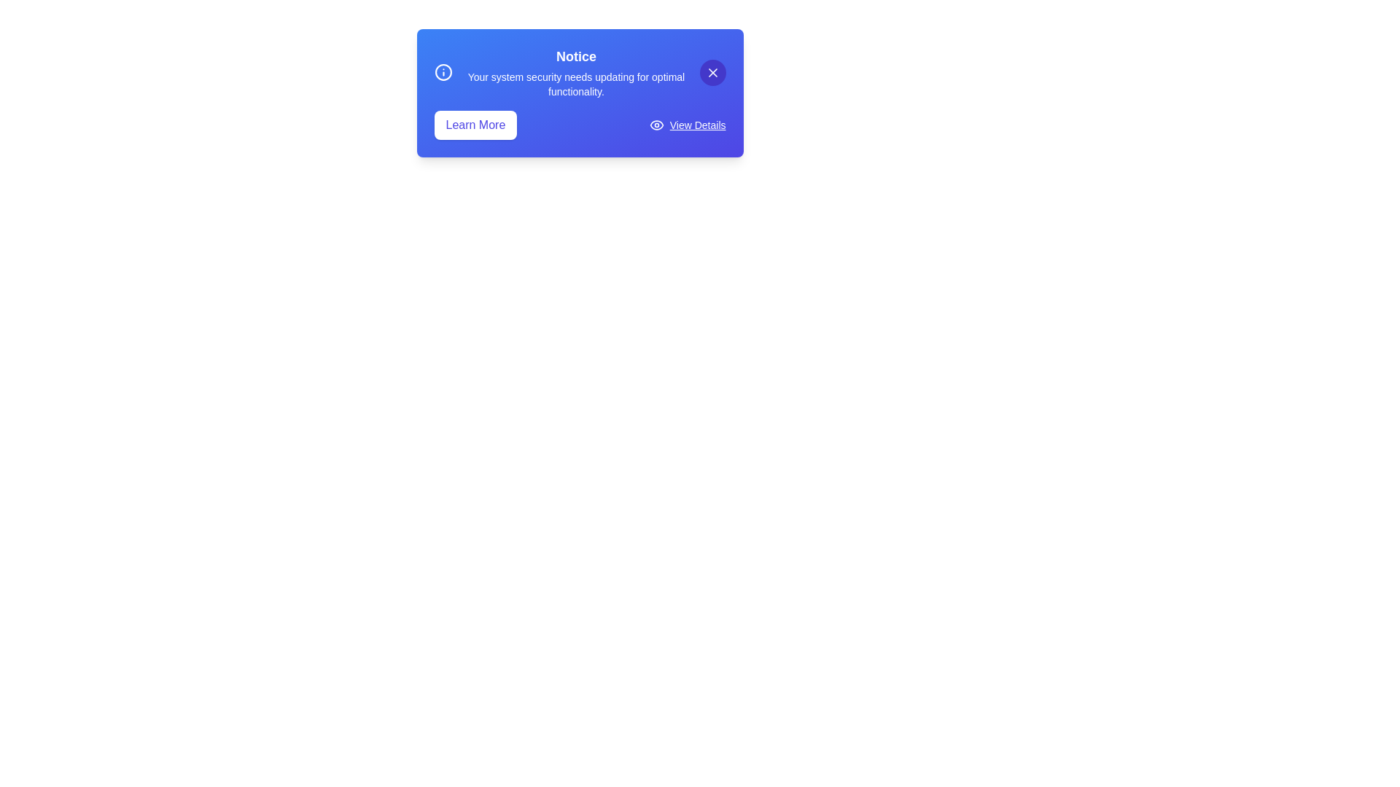 Image resolution: width=1400 pixels, height=787 pixels. Describe the element at coordinates (443, 73) in the screenshot. I see `the icon to visually inspect it` at that location.